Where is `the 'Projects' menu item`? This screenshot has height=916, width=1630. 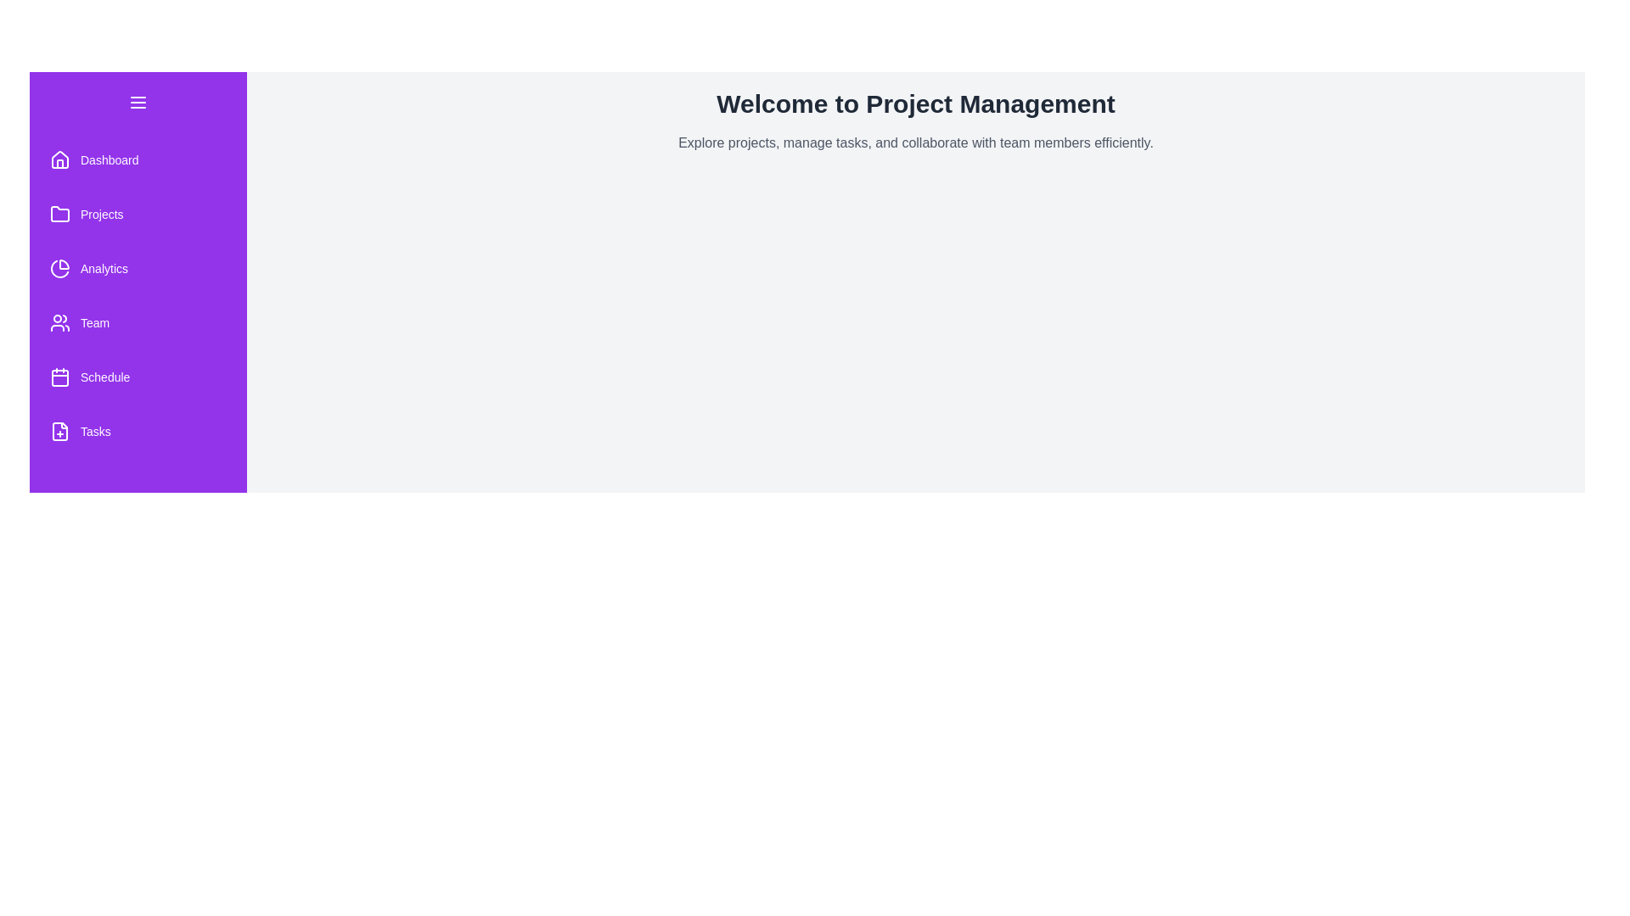 the 'Projects' menu item is located at coordinates (138, 214).